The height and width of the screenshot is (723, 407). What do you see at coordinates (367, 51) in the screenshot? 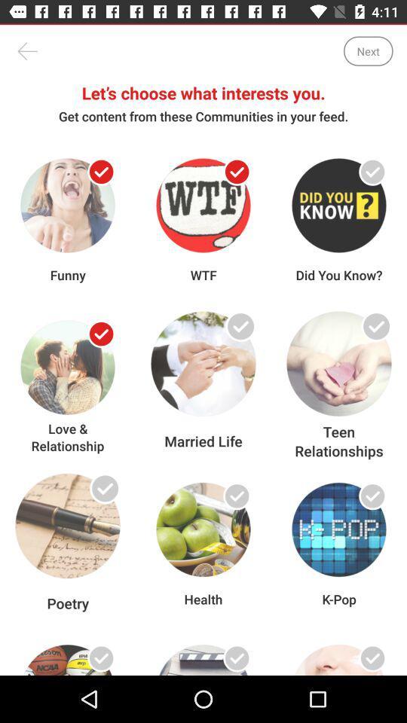
I see `the next icon` at bounding box center [367, 51].